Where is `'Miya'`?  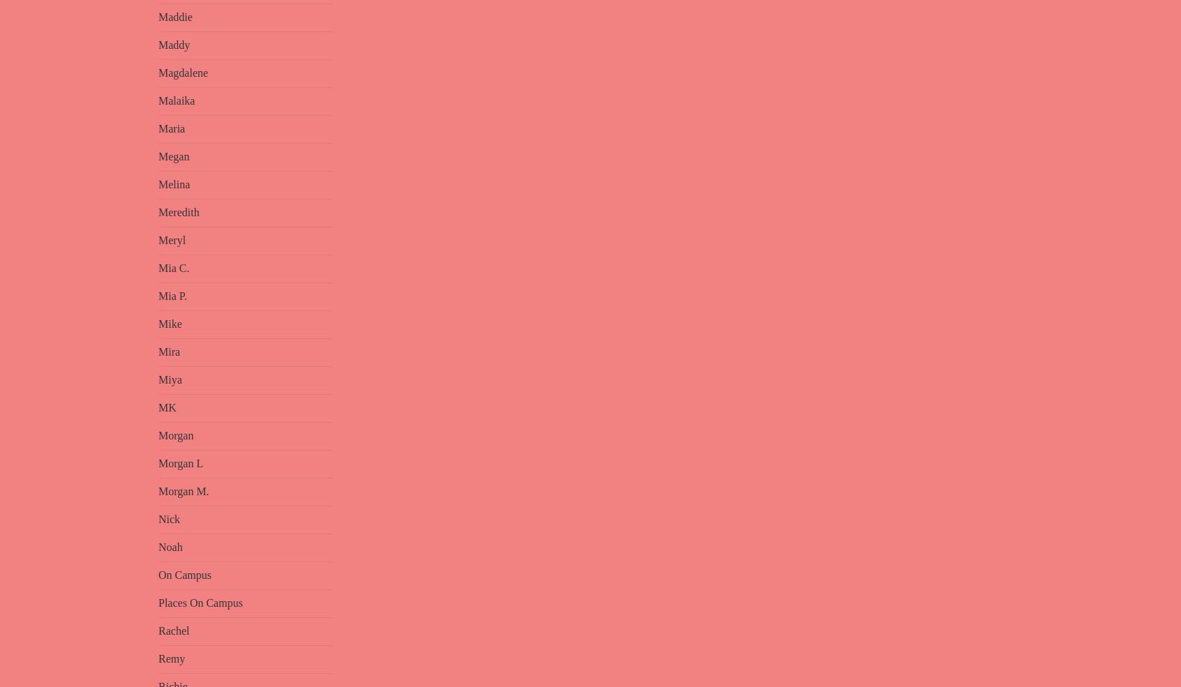 'Miya' is located at coordinates (170, 379).